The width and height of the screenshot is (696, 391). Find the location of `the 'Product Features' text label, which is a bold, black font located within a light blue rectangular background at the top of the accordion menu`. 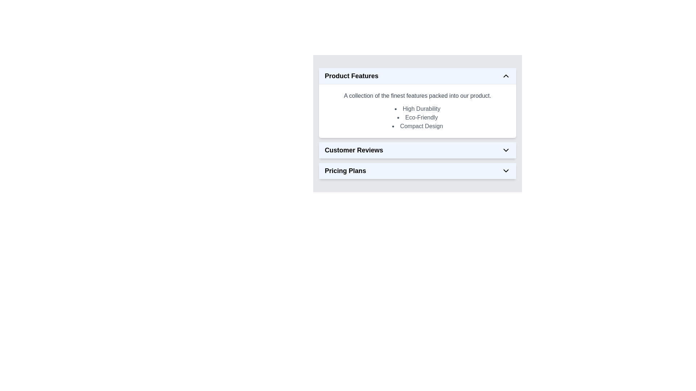

the 'Product Features' text label, which is a bold, black font located within a light blue rectangular background at the top of the accordion menu is located at coordinates (351, 76).